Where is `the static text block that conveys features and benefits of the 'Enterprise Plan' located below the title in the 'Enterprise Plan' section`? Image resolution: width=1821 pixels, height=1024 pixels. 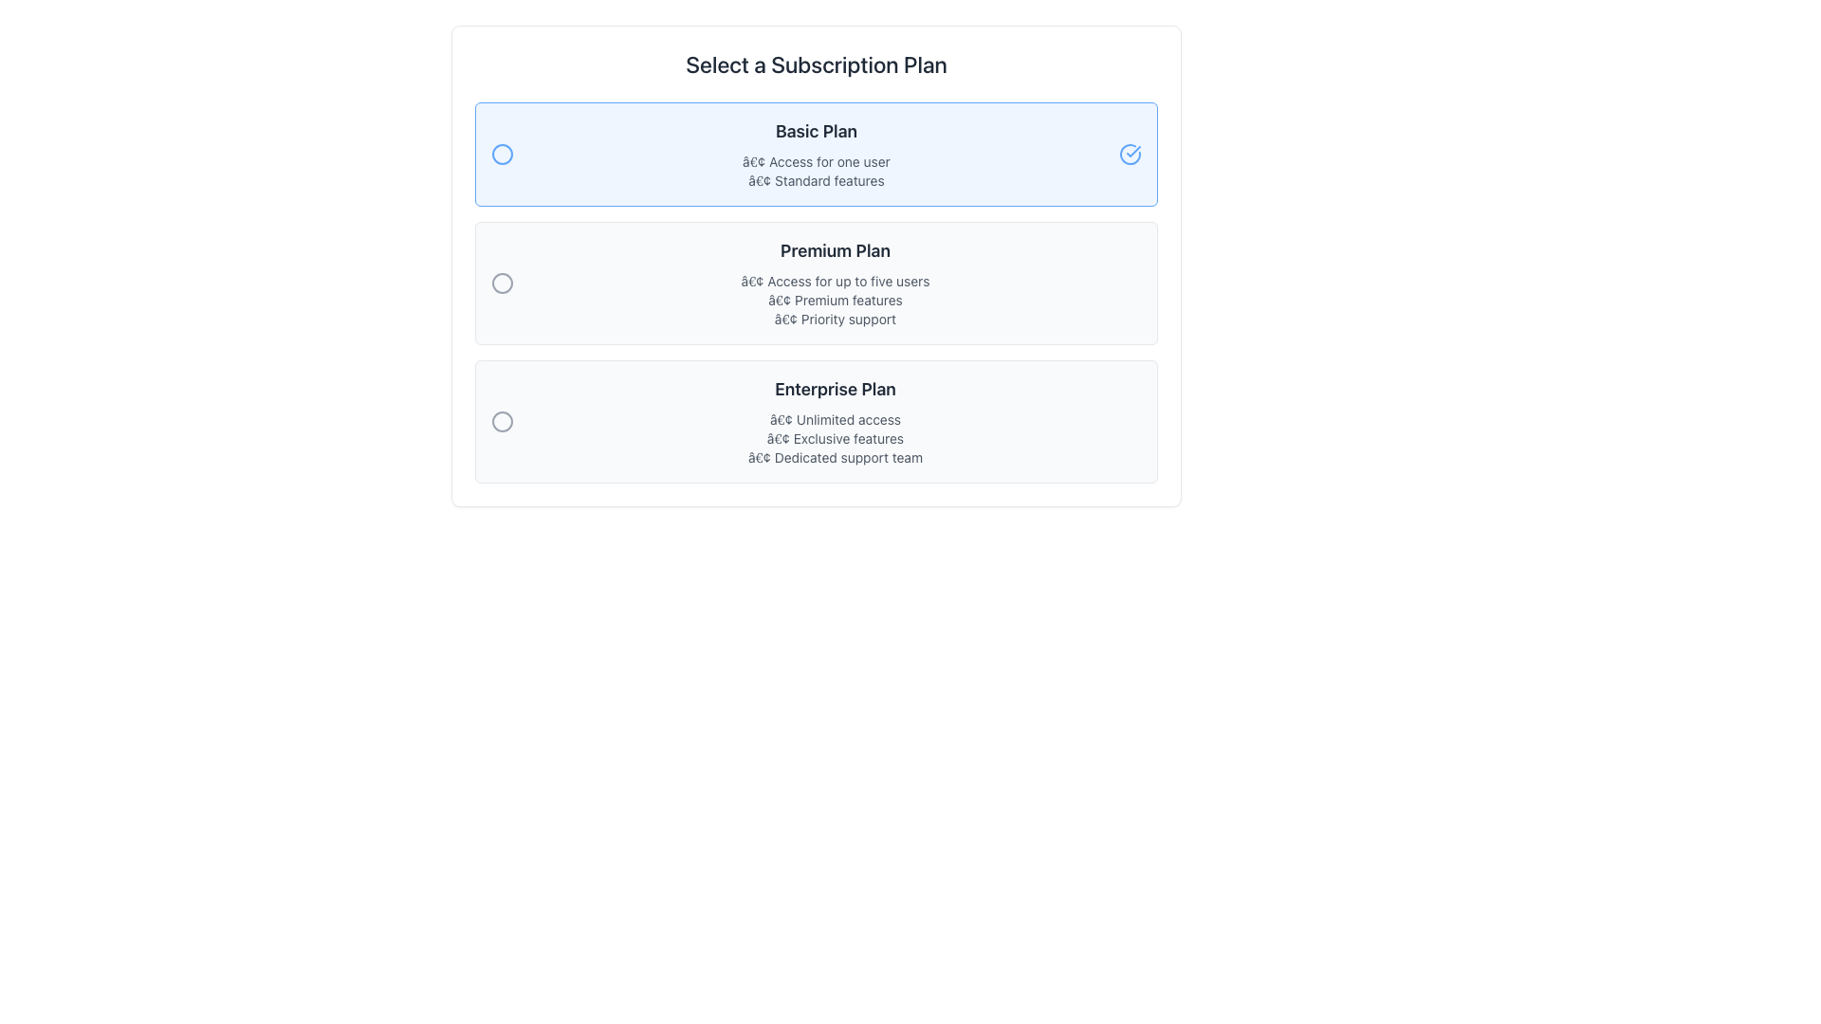
the static text block that conveys features and benefits of the 'Enterprise Plan' located below the title in the 'Enterprise Plan' section is located at coordinates (835, 438).